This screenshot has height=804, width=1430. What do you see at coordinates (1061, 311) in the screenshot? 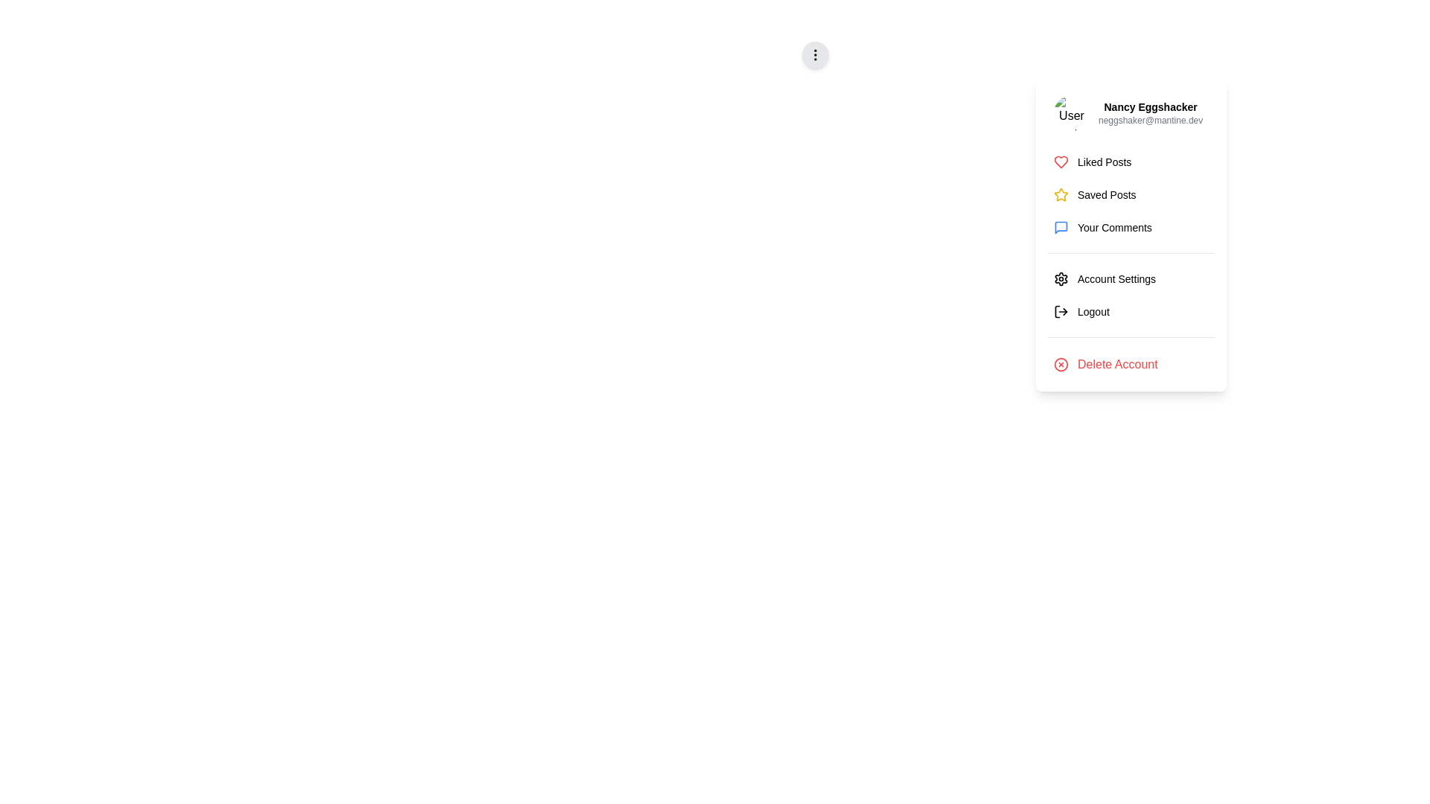
I see `the logout icon, which is a graphical representation with a door-like shape and an outward arrow, located in the vertical menu next to the 'Logout' text label` at bounding box center [1061, 311].